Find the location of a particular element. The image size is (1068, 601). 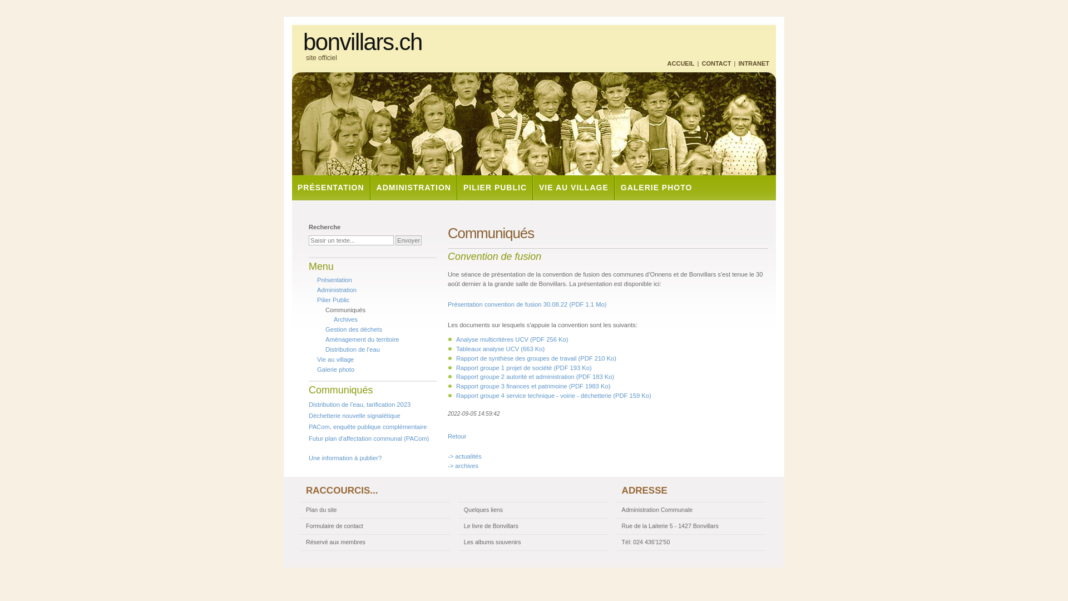

'Distribution de l'eau' is located at coordinates (352, 349).